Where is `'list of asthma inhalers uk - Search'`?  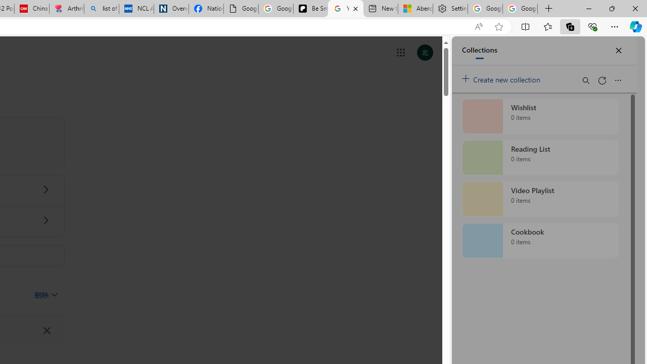
'list of asthma inhalers uk - Search' is located at coordinates (101, 9).